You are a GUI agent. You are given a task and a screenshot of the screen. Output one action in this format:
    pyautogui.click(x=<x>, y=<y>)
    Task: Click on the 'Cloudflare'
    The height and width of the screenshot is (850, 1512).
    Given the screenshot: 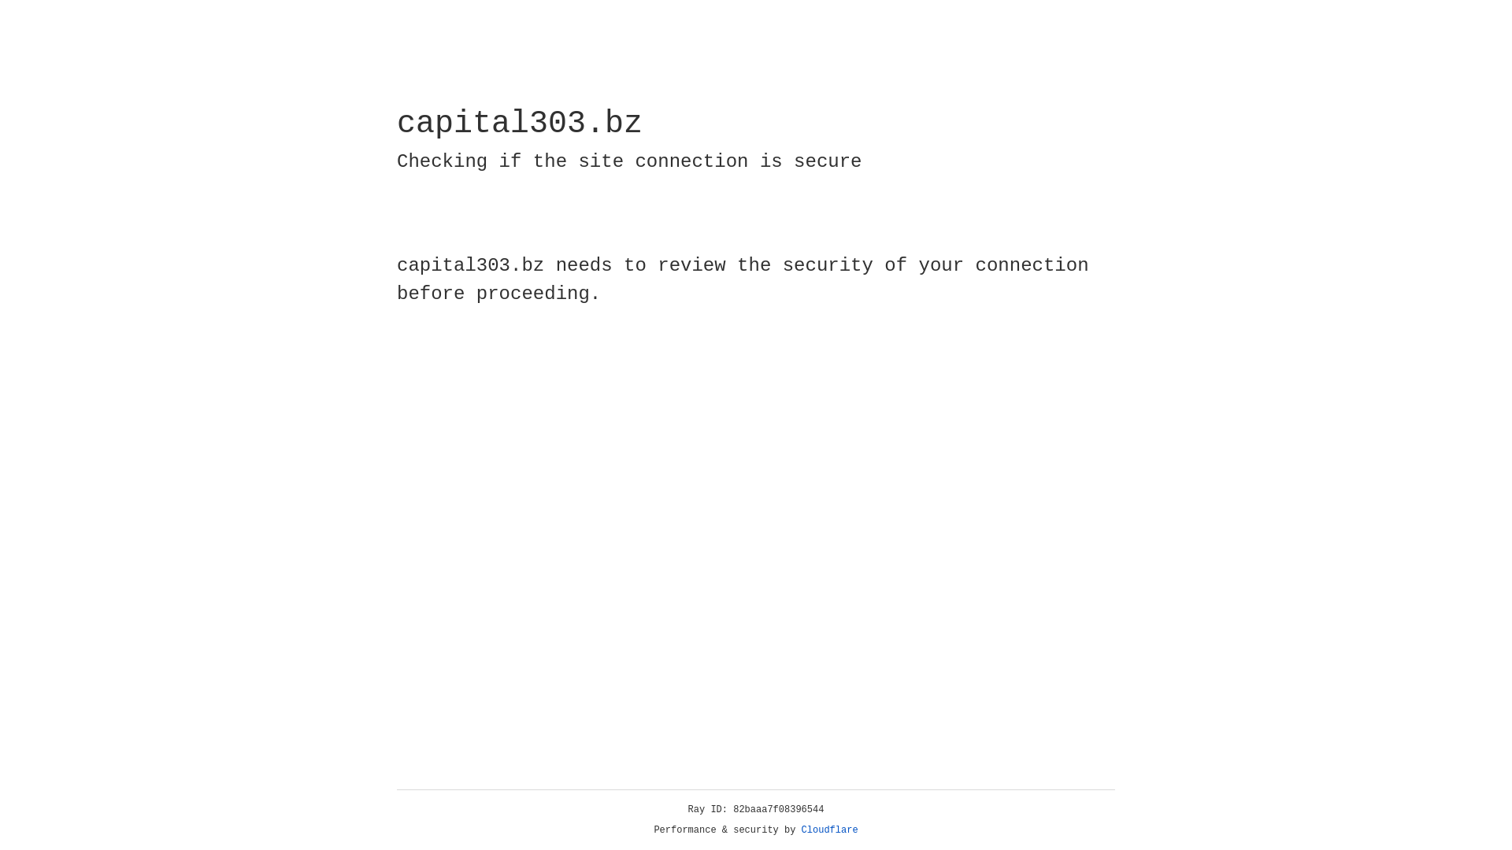 What is the action you would take?
    pyautogui.click(x=801, y=830)
    